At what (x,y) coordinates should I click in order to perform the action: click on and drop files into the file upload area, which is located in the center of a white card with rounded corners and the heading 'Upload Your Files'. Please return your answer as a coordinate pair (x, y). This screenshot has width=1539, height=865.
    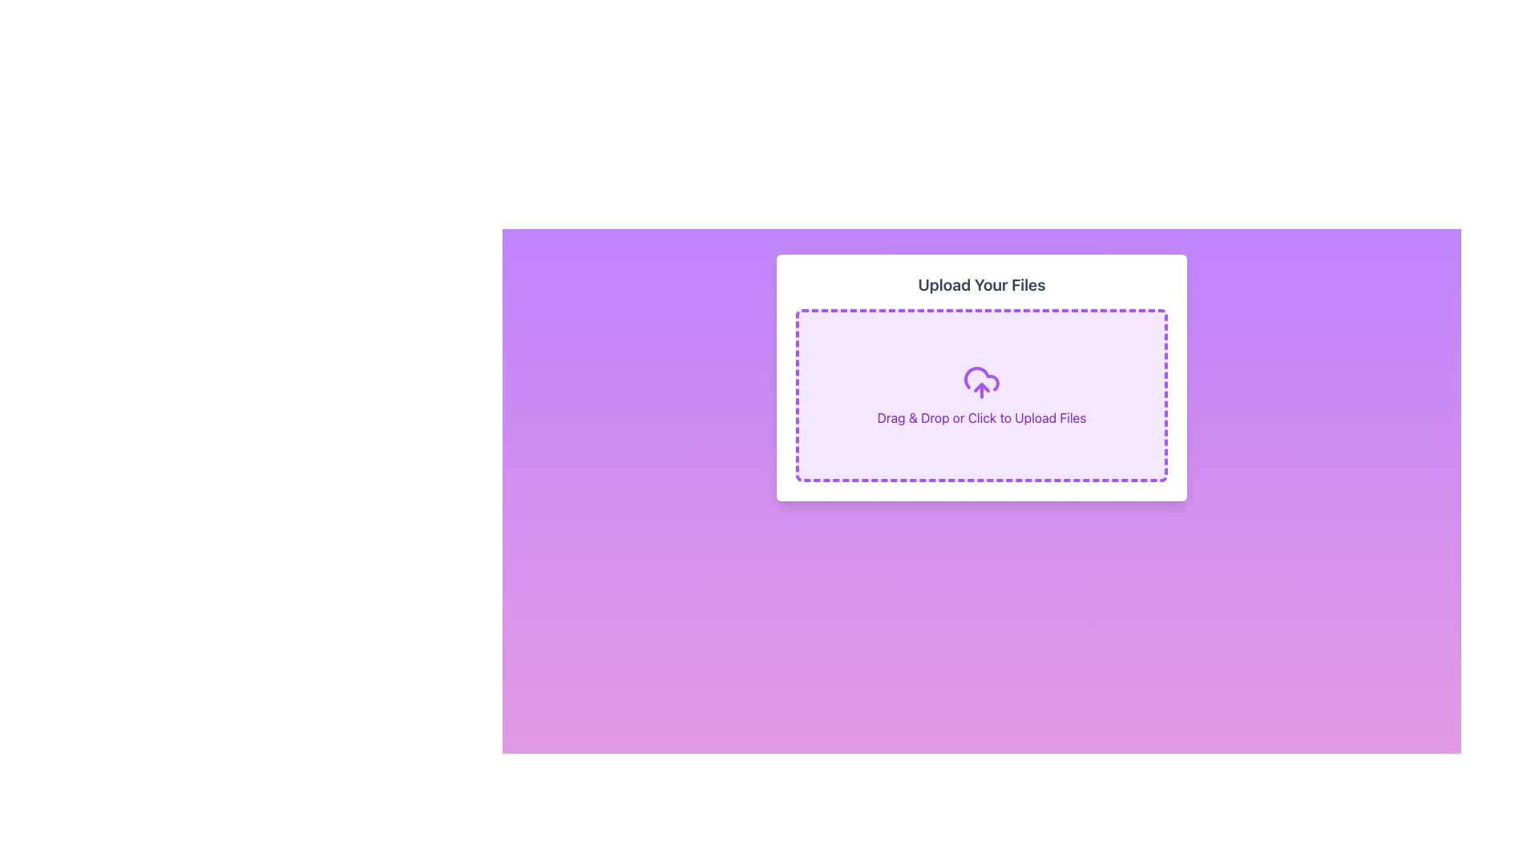
    Looking at the image, I should click on (980, 395).